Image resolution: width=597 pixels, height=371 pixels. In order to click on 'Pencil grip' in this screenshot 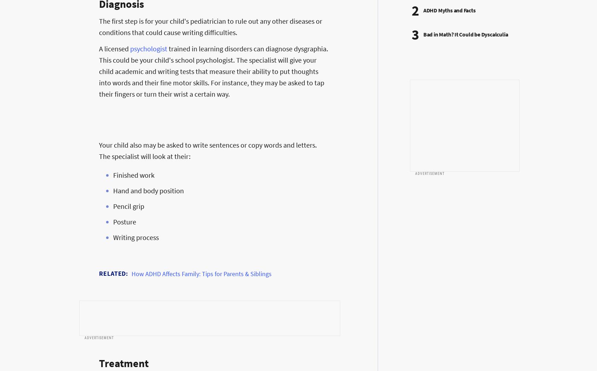, I will do `click(128, 206)`.